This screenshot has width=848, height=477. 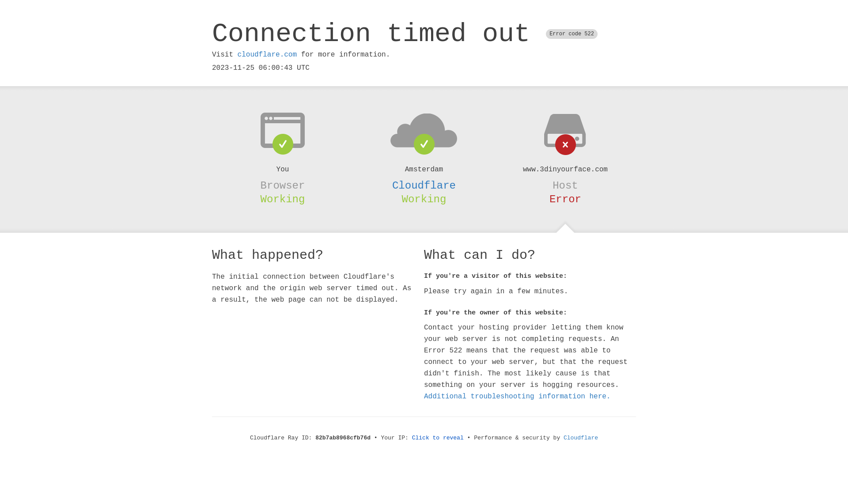 What do you see at coordinates (517, 396) in the screenshot?
I see `'Additional troubleshooting information here.'` at bounding box center [517, 396].